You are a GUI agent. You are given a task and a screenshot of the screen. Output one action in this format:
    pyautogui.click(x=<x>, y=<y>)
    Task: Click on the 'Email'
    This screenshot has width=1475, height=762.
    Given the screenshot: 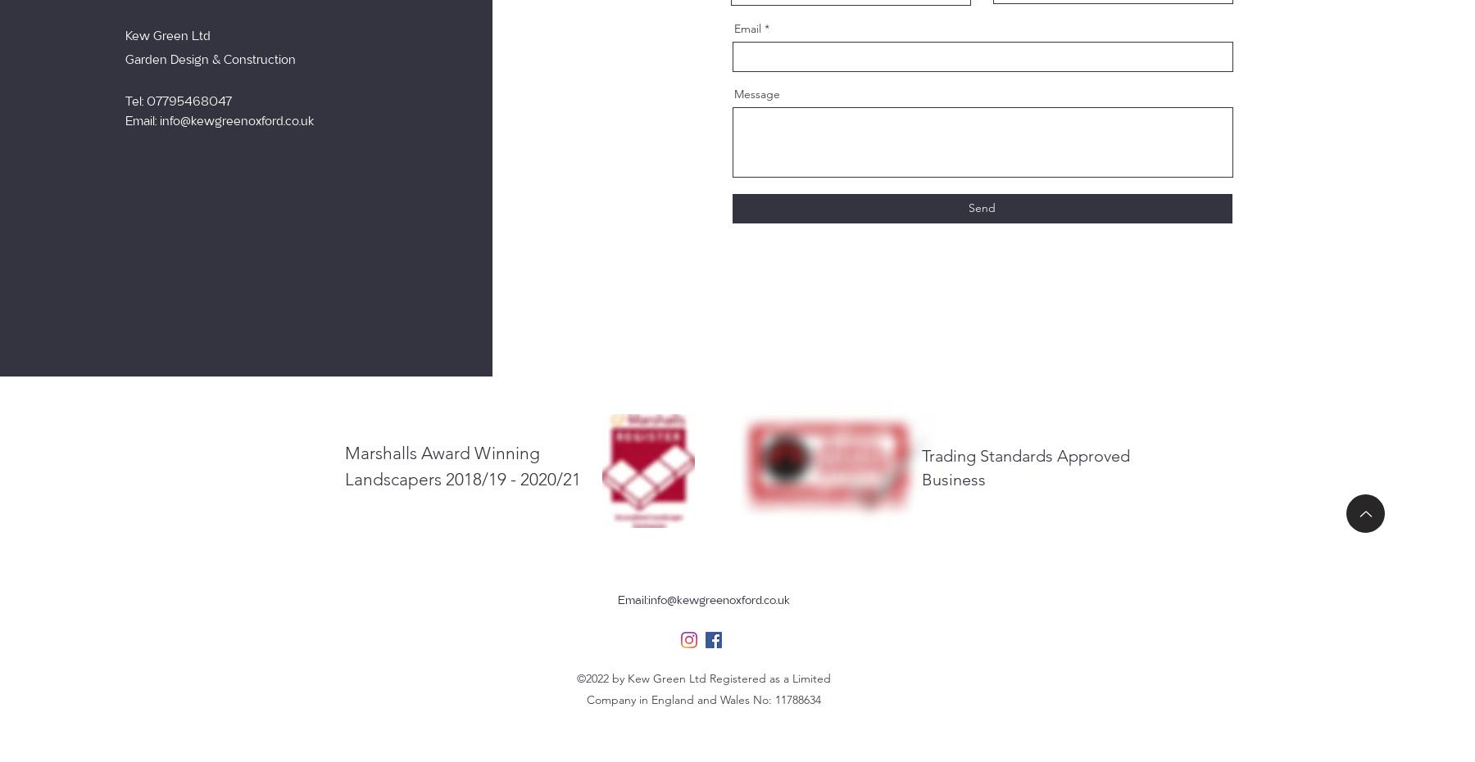 What is the action you would take?
    pyautogui.click(x=746, y=28)
    